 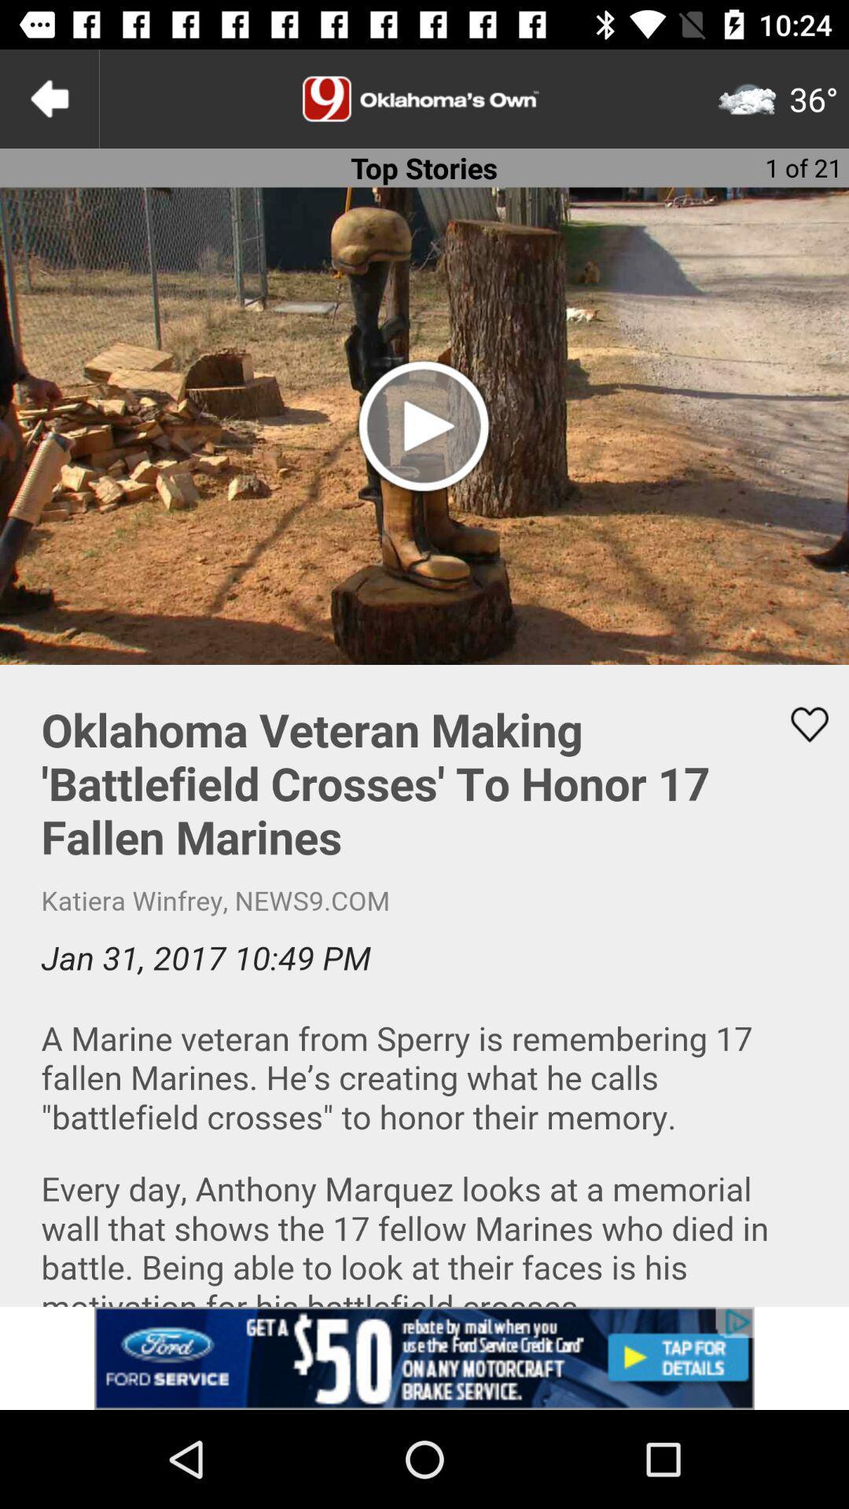 What do you see at coordinates (799, 724) in the screenshot?
I see `the favorite icon` at bounding box center [799, 724].